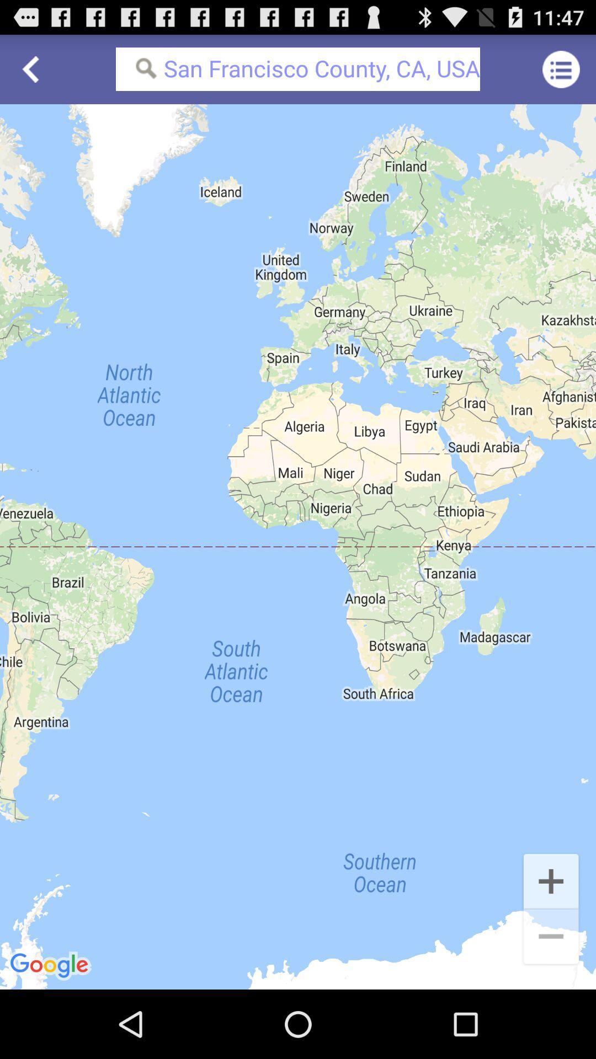 This screenshot has height=1059, width=596. I want to click on the arrow_backward icon, so click(34, 73).